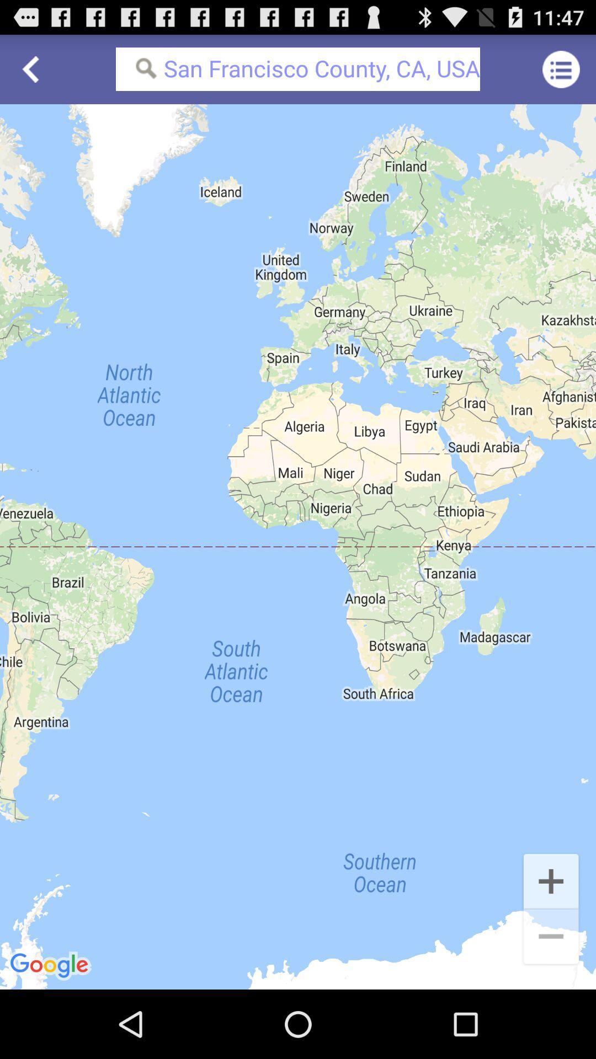 This screenshot has height=1059, width=596. I want to click on the arrow_backward icon, so click(34, 73).